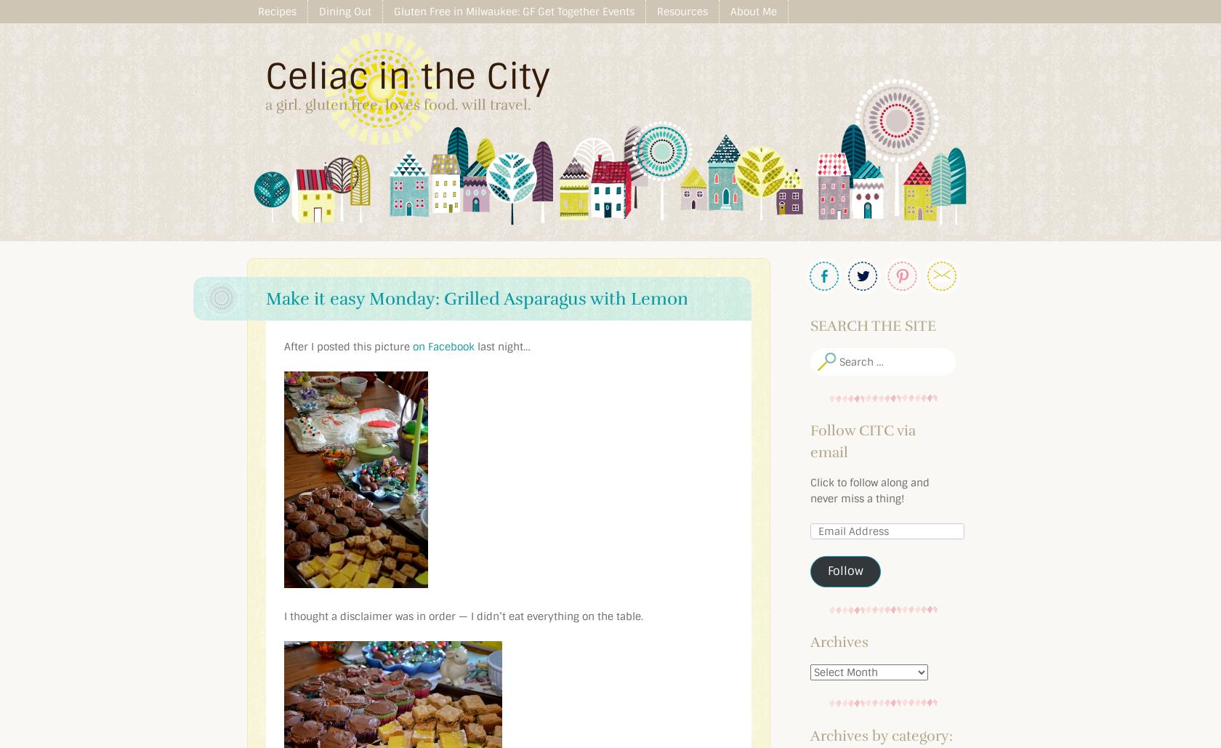 This screenshot has height=748, width=1221. What do you see at coordinates (502, 346) in the screenshot?
I see `'last night…'` at bounding box center [502, 346].